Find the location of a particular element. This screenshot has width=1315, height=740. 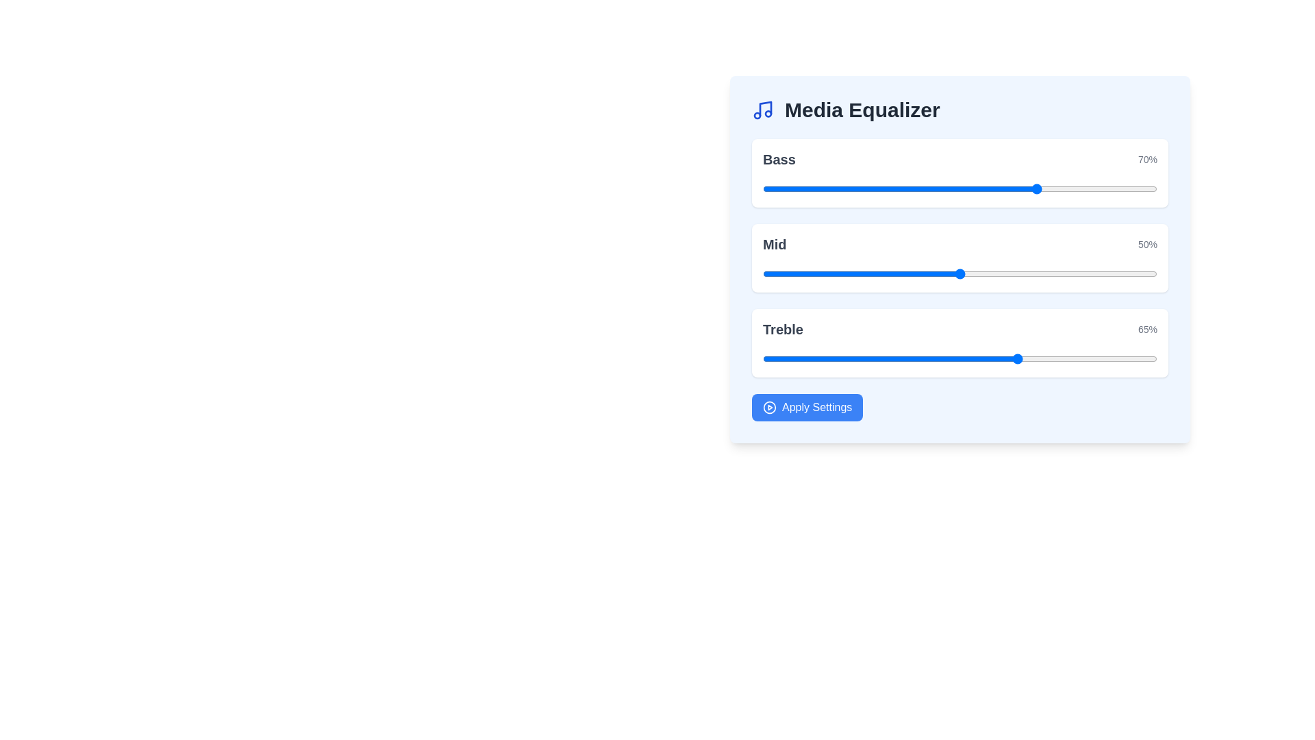

treble is located at coordinates (992, 358).